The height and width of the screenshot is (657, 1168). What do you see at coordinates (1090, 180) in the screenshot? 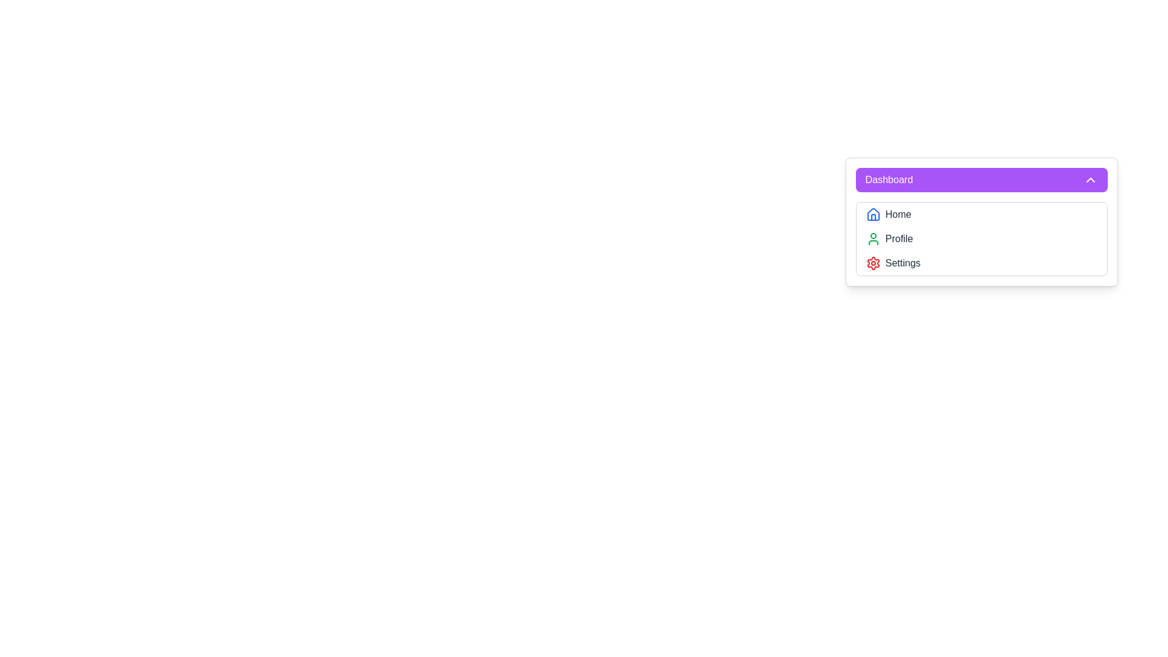
I see `the small upward-pointing triangular chevron icon outlined in white, located to the right of the 'Dashboard' header in the purple background` at bounding box center [1090, 180].